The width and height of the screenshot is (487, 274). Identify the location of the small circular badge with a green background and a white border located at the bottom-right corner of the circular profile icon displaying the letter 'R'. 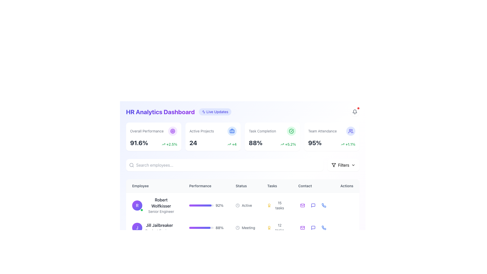
(142, 210).